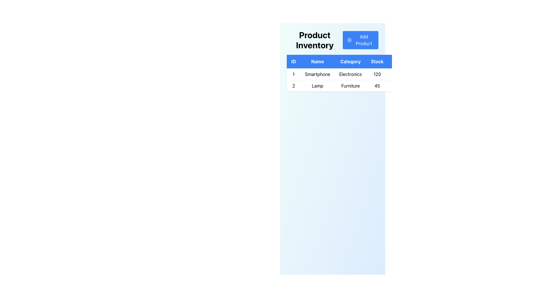 This screenshot has width=543, height=305. What do you see at coordinates (377, 62) in the screenshot?
I see `the blue rectangular header labeled 'Stock', which is the fourth item in the row of headers above the table` at bounding box center [377, 62].